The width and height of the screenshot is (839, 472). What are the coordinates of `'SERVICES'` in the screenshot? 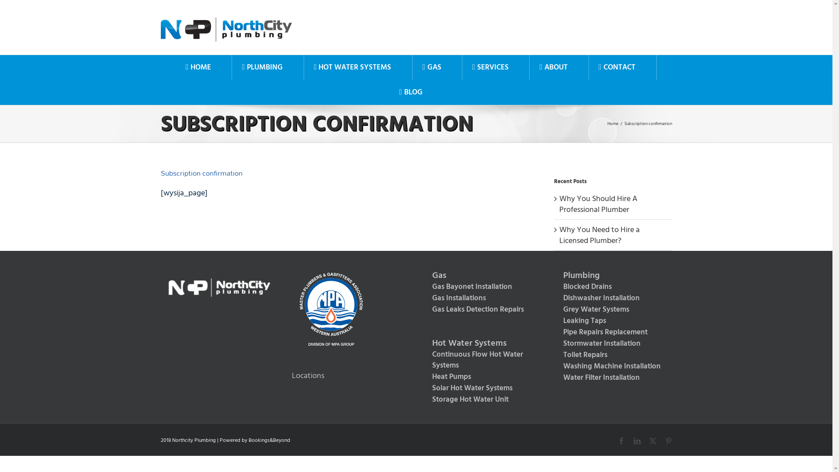 It's located at (490, 67).